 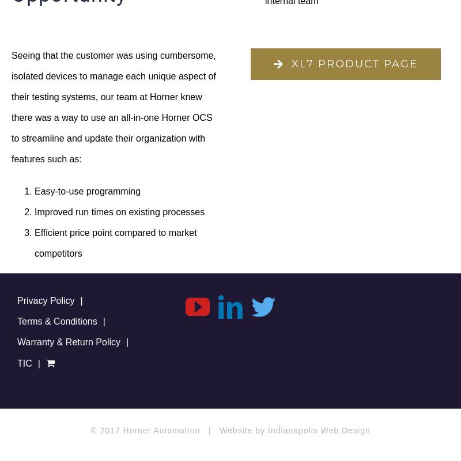 What do you see at coordinates (24, 362) in the screenshot?
I see `'TIC'` at bounding box center [24, 362].